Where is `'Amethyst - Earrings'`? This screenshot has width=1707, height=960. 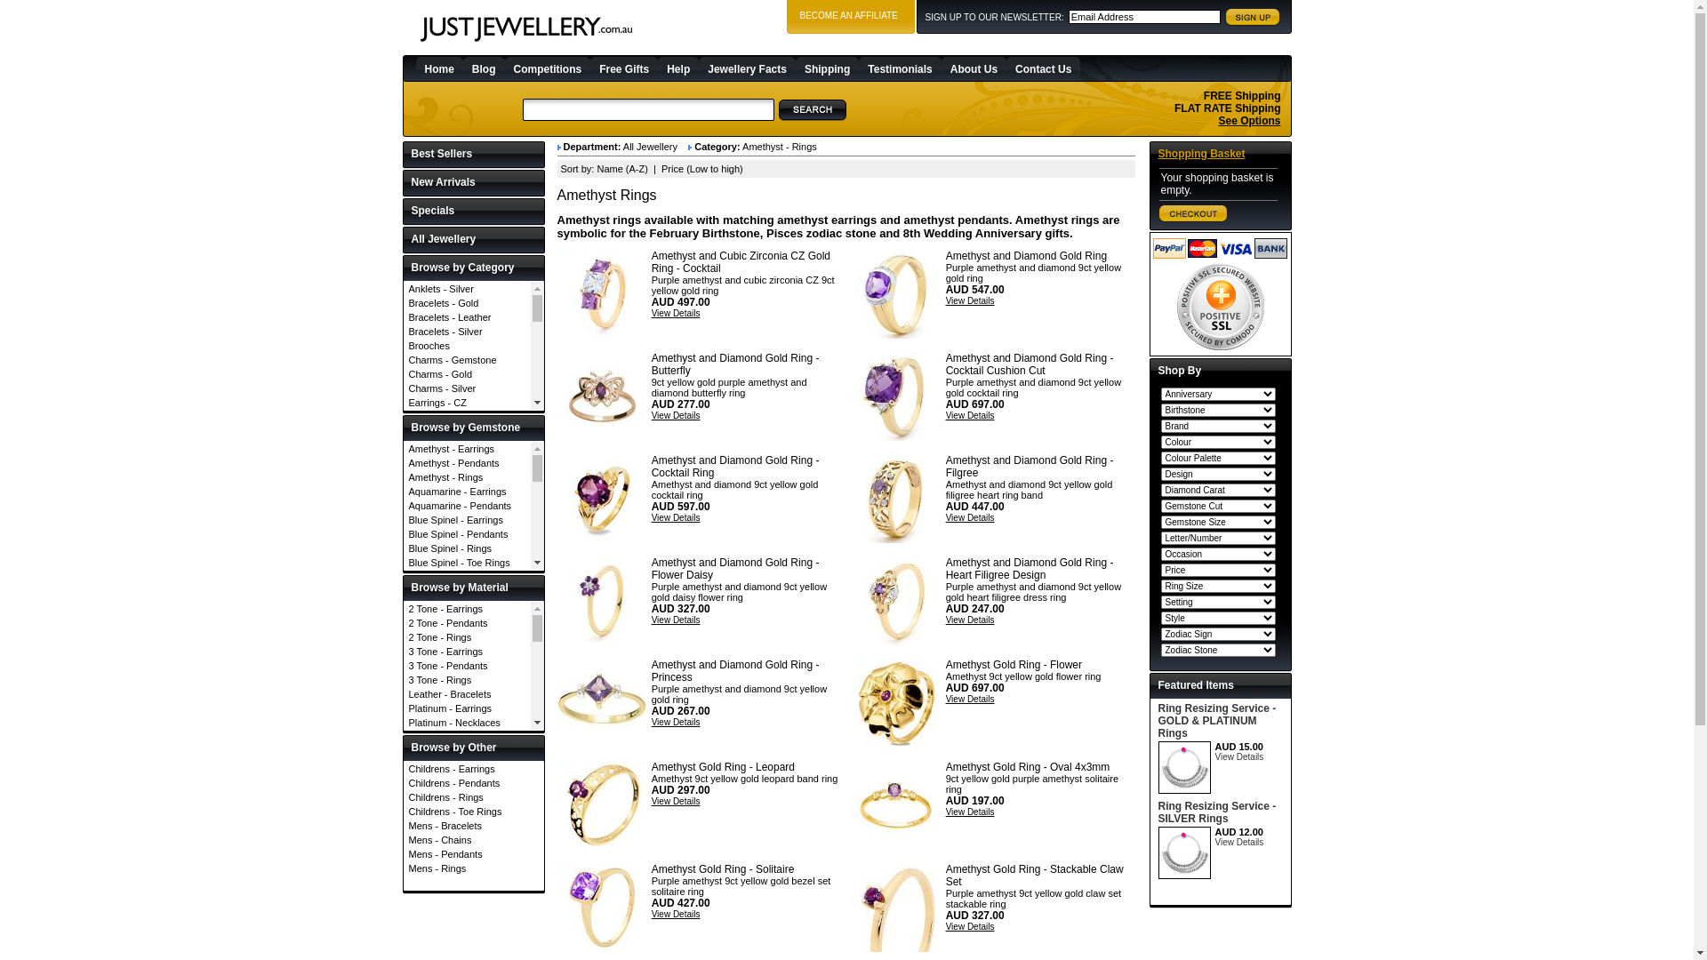
'Amethyst - Earrings' is located at coordinates (403, 448).